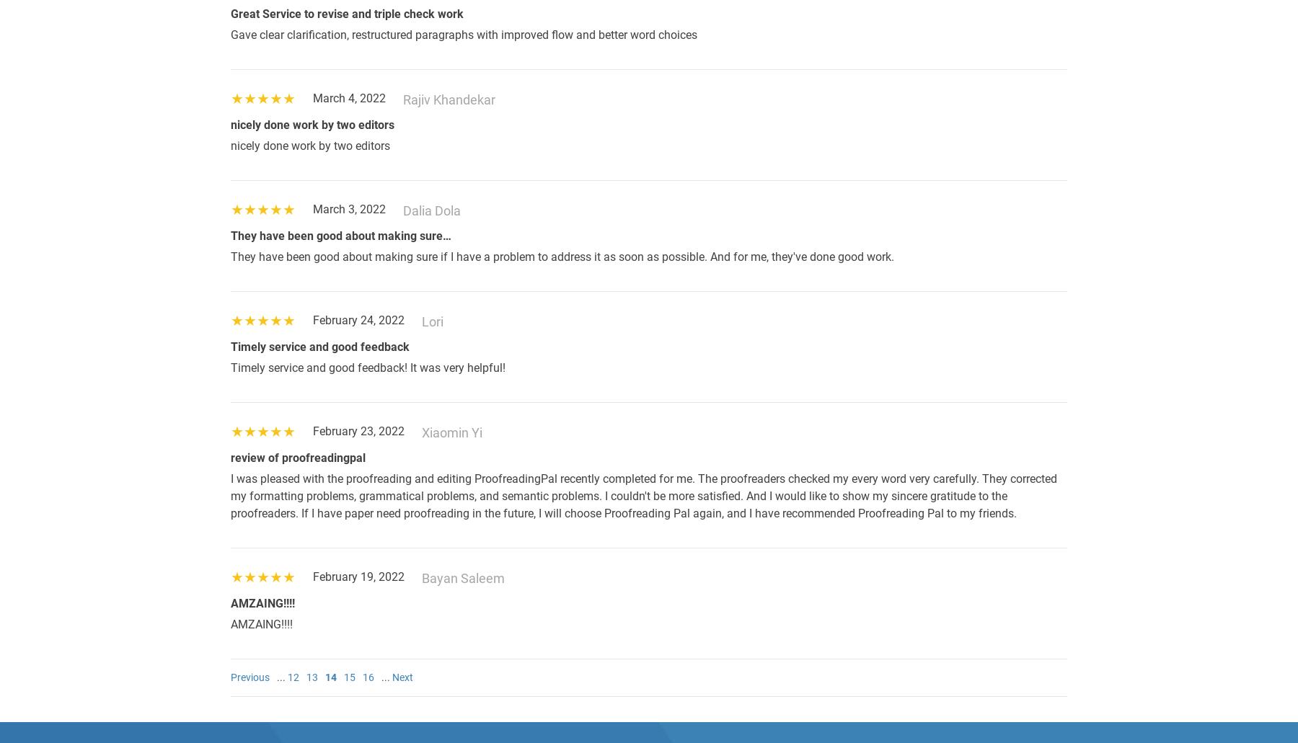 Image resolution: width=1298 pixels, height=743 pixels. Describe the element at coordinates (230, 347) in the screenshot. I see `'Timely service and good feedback'` at that location.